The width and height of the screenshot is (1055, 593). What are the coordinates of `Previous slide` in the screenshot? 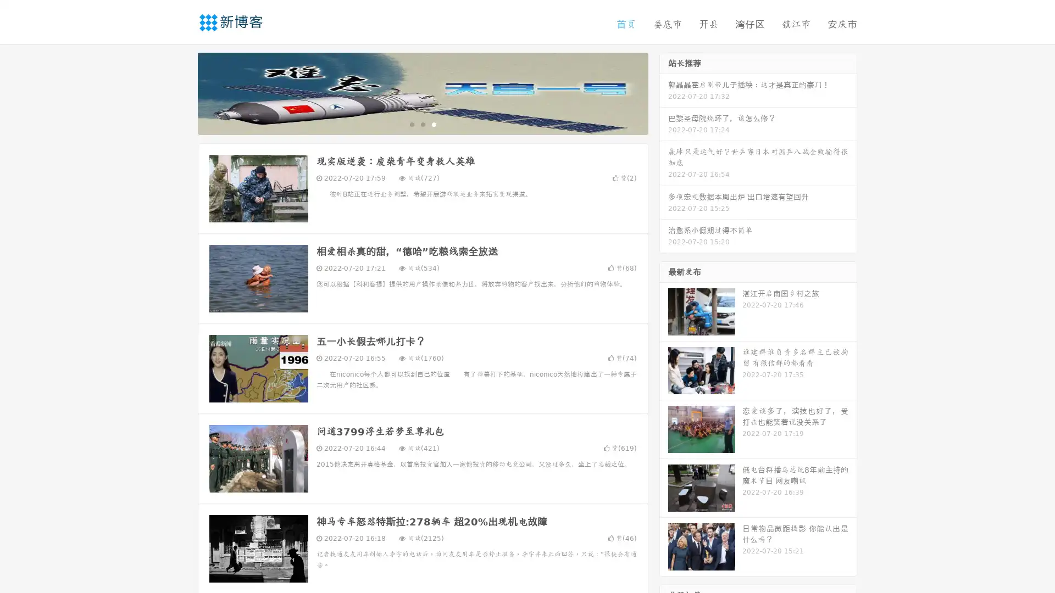 It's located at (181, 92).